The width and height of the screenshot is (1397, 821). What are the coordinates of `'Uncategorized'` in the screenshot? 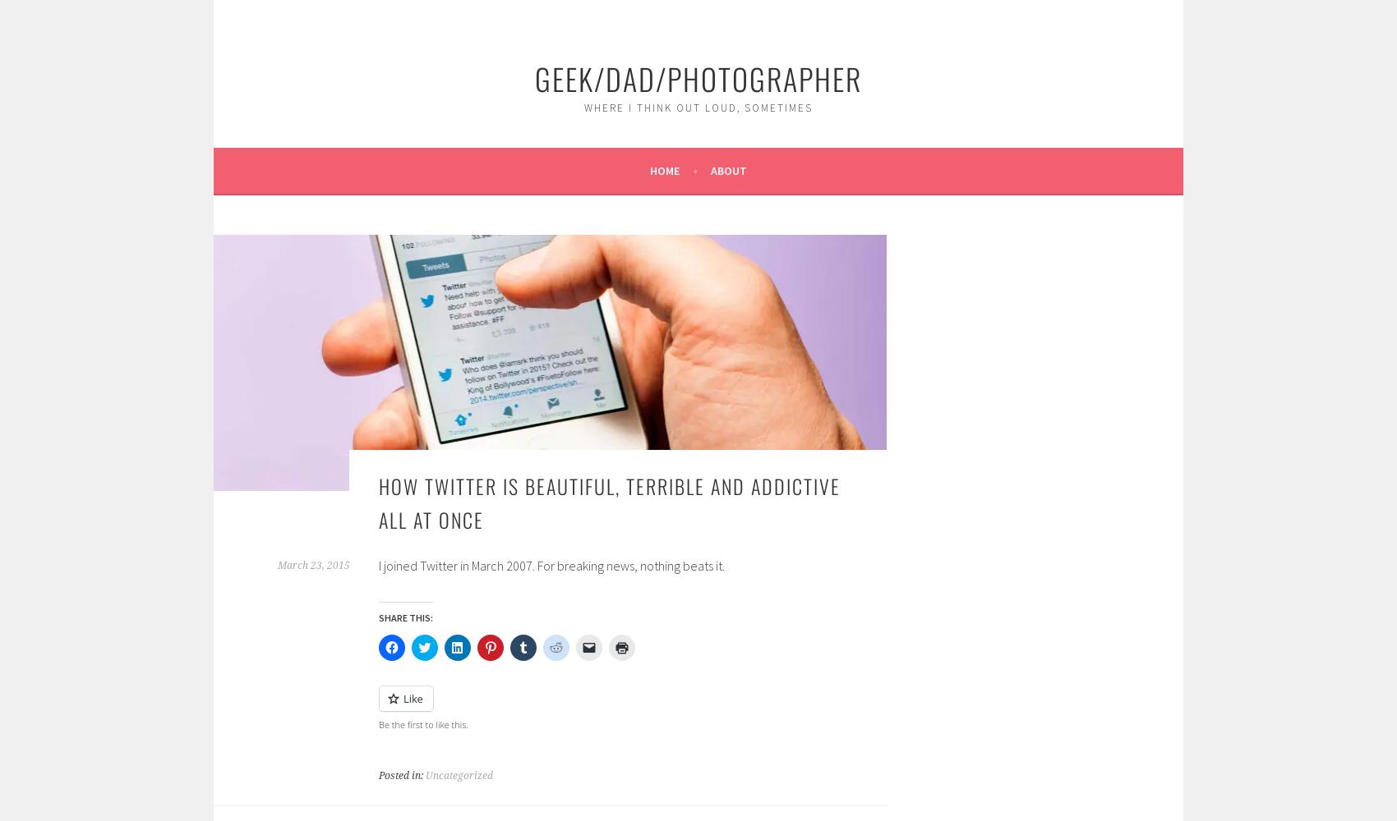 It's located at (458, 774).